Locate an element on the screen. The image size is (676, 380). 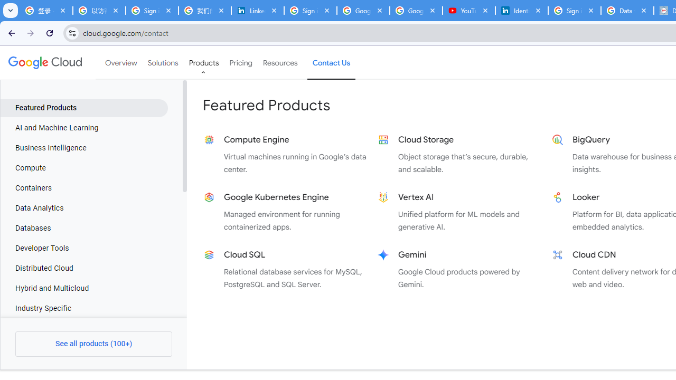
'Products' is located at coordinates (203, 63).